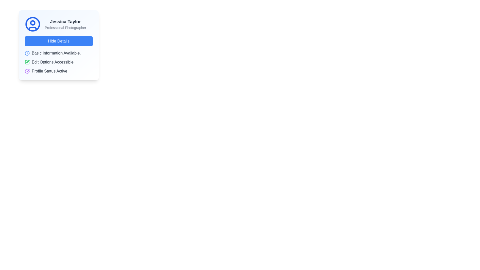 The image size is (480, 270). Describe the element at coordinates (65, 21) in the screenshot. I see `the text label displaying 'Jessica Taylor', which is styled in bold and large dark gray font and positioned at the top of the card, to the right of a user profile icon` at that location.